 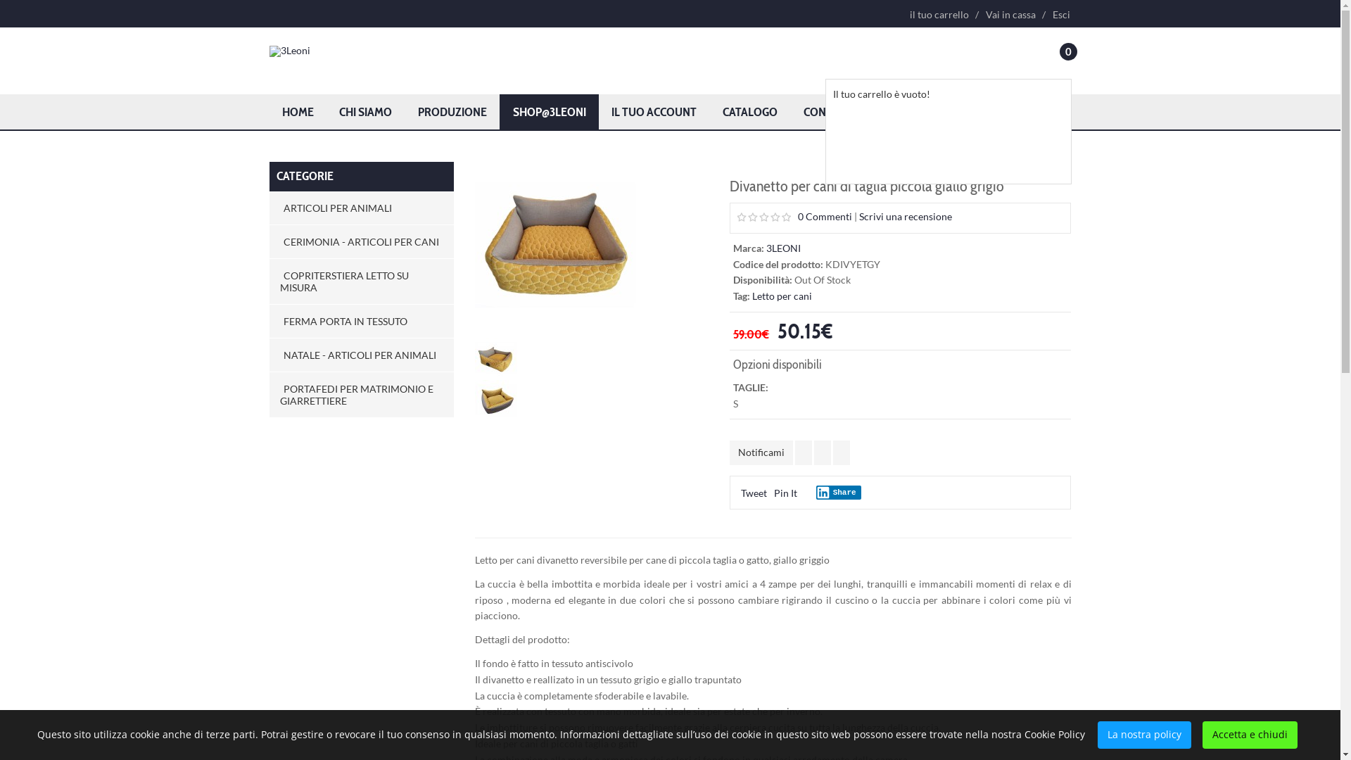 What do you see at coordinates (555, 241) in the screenshot?
I see `'Divanetto per cani di taglia piccola giallo grigio'` at bounding box center [555, 241].